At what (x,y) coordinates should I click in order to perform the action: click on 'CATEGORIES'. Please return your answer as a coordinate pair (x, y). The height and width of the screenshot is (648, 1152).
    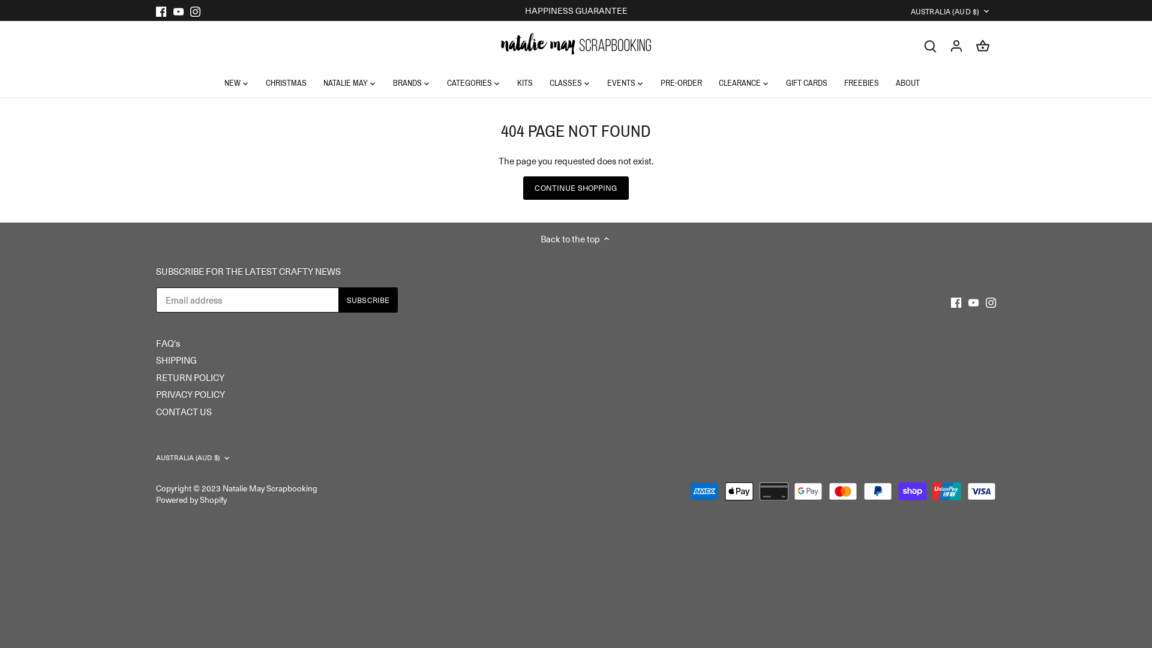
    Looking at the image, I should click on (468, 82).